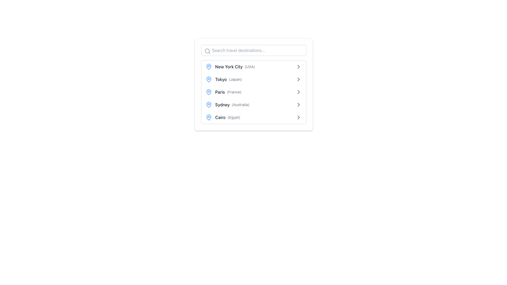 The width and height of the screenshot is (507, 285). I want to click on the text label displaying 'Cairo' in bold gray font, which is part of a list of destinations and positioned next to '(Egypt)', so click(220, 117).